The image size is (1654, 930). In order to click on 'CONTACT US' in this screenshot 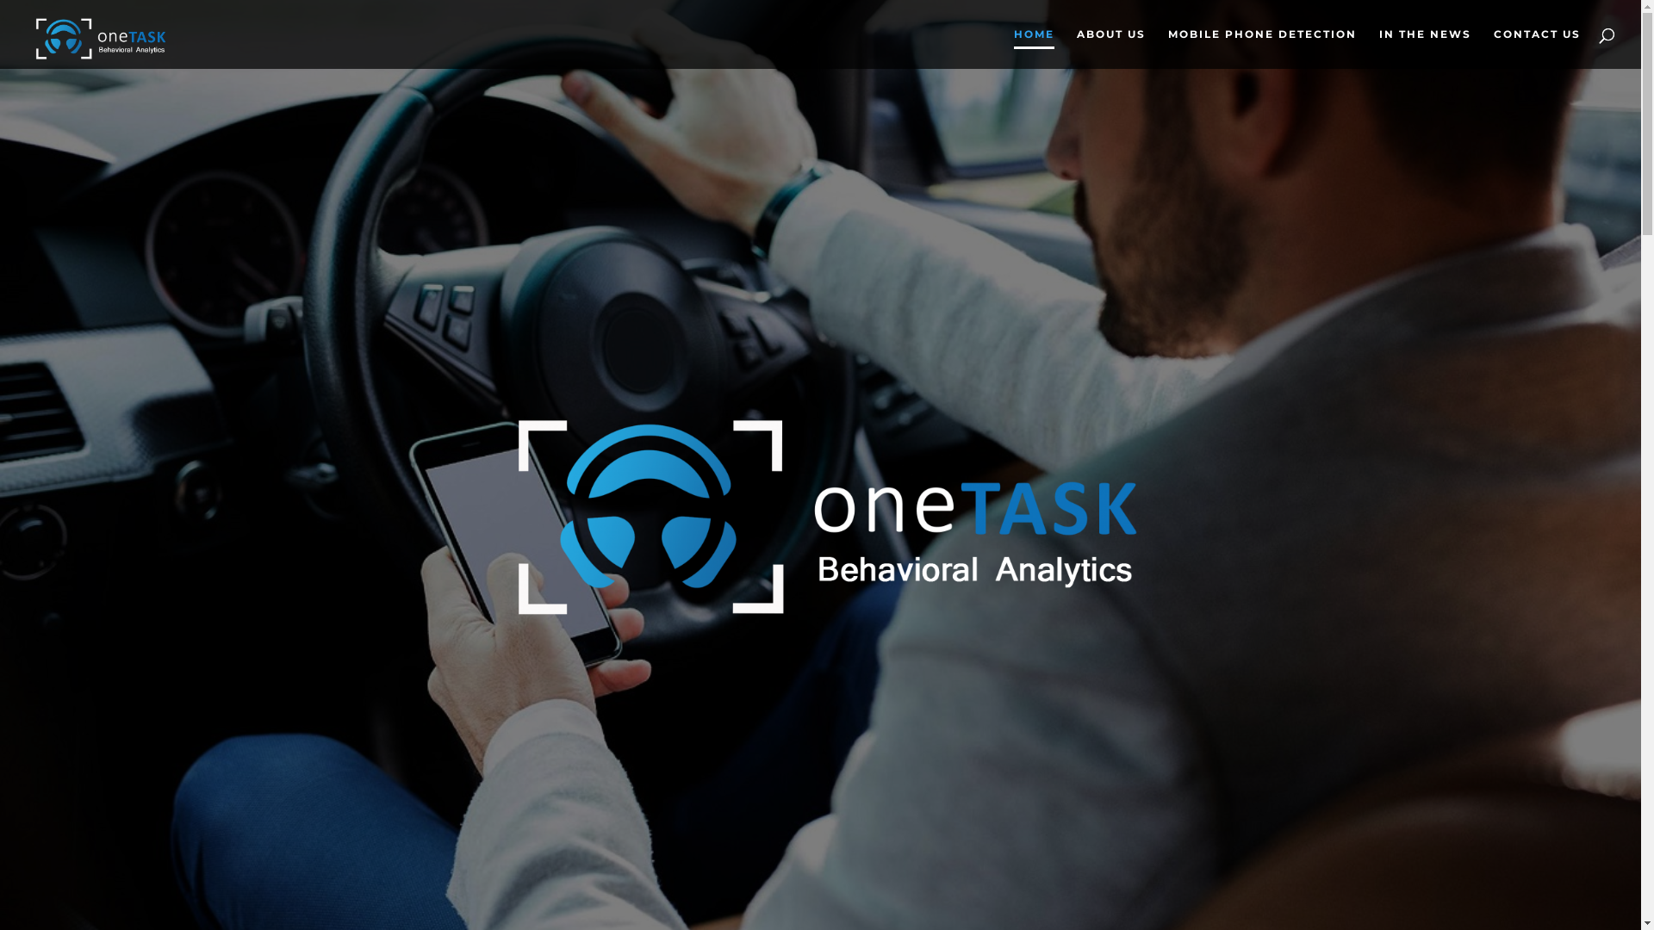, I will do `click(1537, 47)`.